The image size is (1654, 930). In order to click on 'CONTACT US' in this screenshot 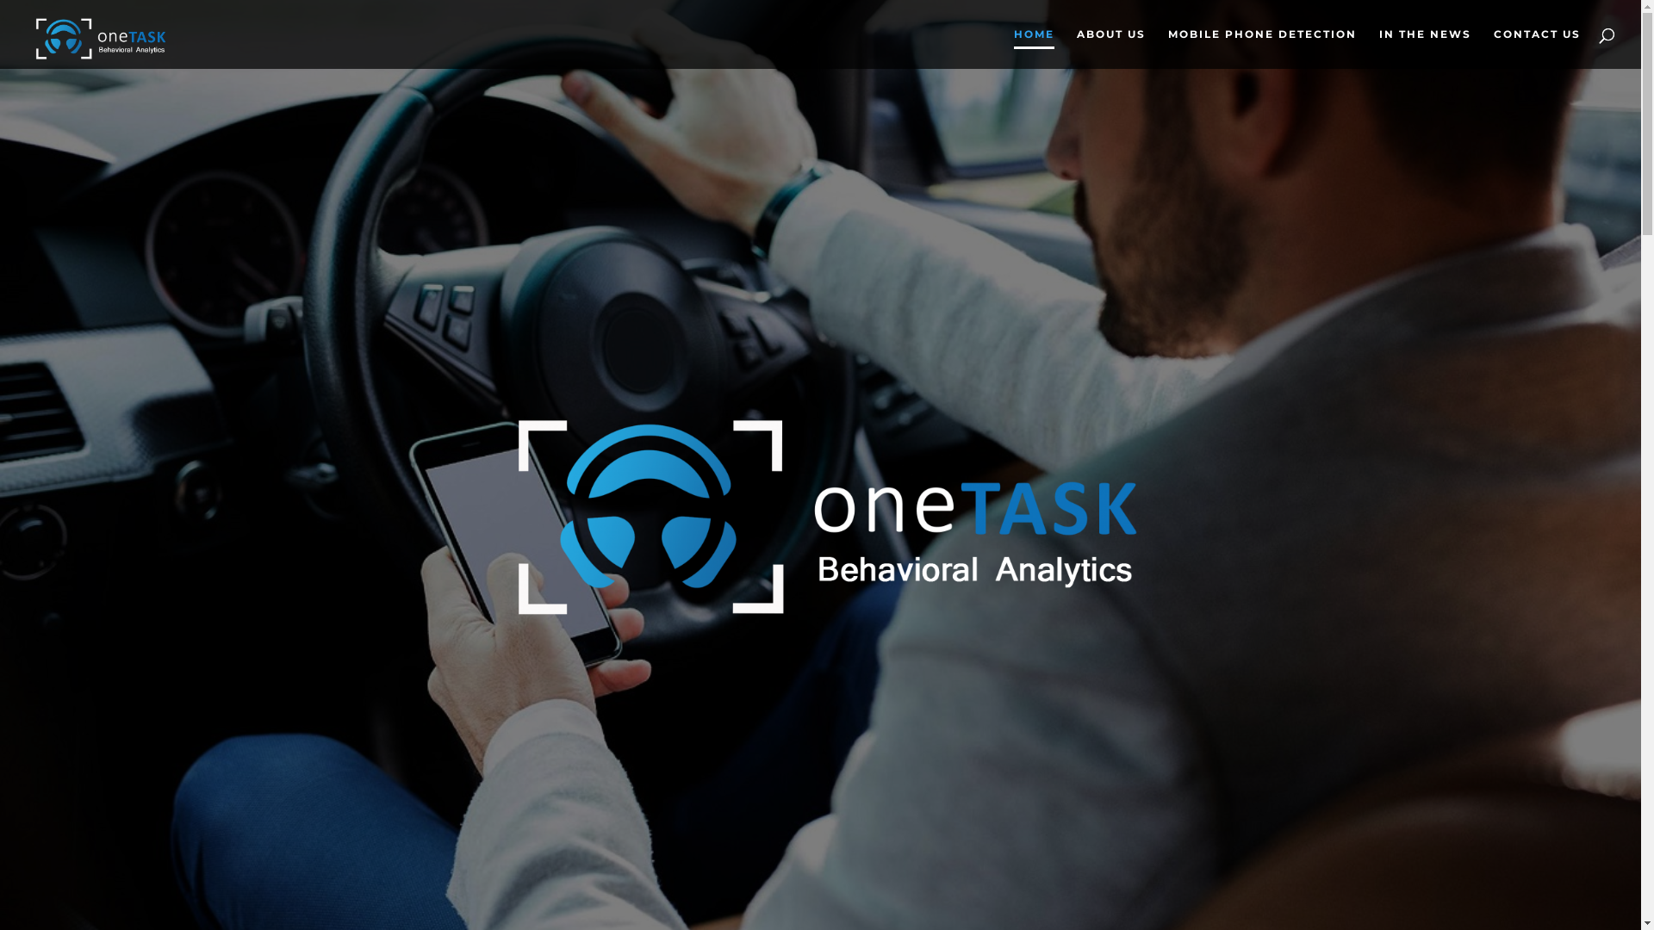, I will do `click(1537, 47)`.